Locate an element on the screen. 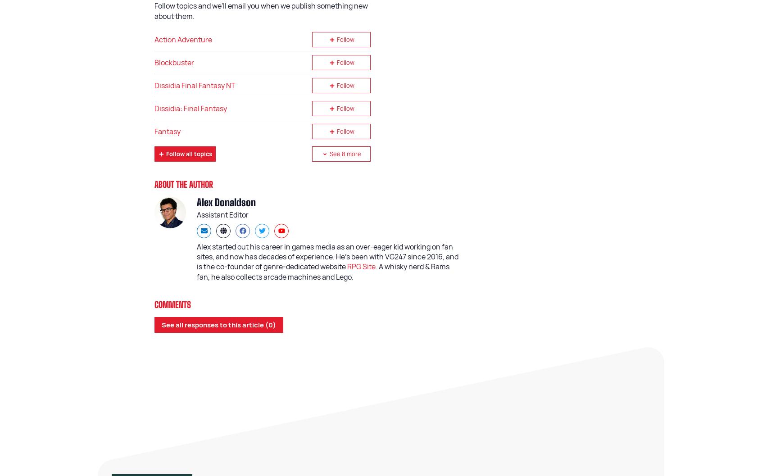 Image resolution: width=762 pixels, height=476 pixels. 'Follow topics and we'll email you when we publish something new about them.' is located at coordinates (261, 10).